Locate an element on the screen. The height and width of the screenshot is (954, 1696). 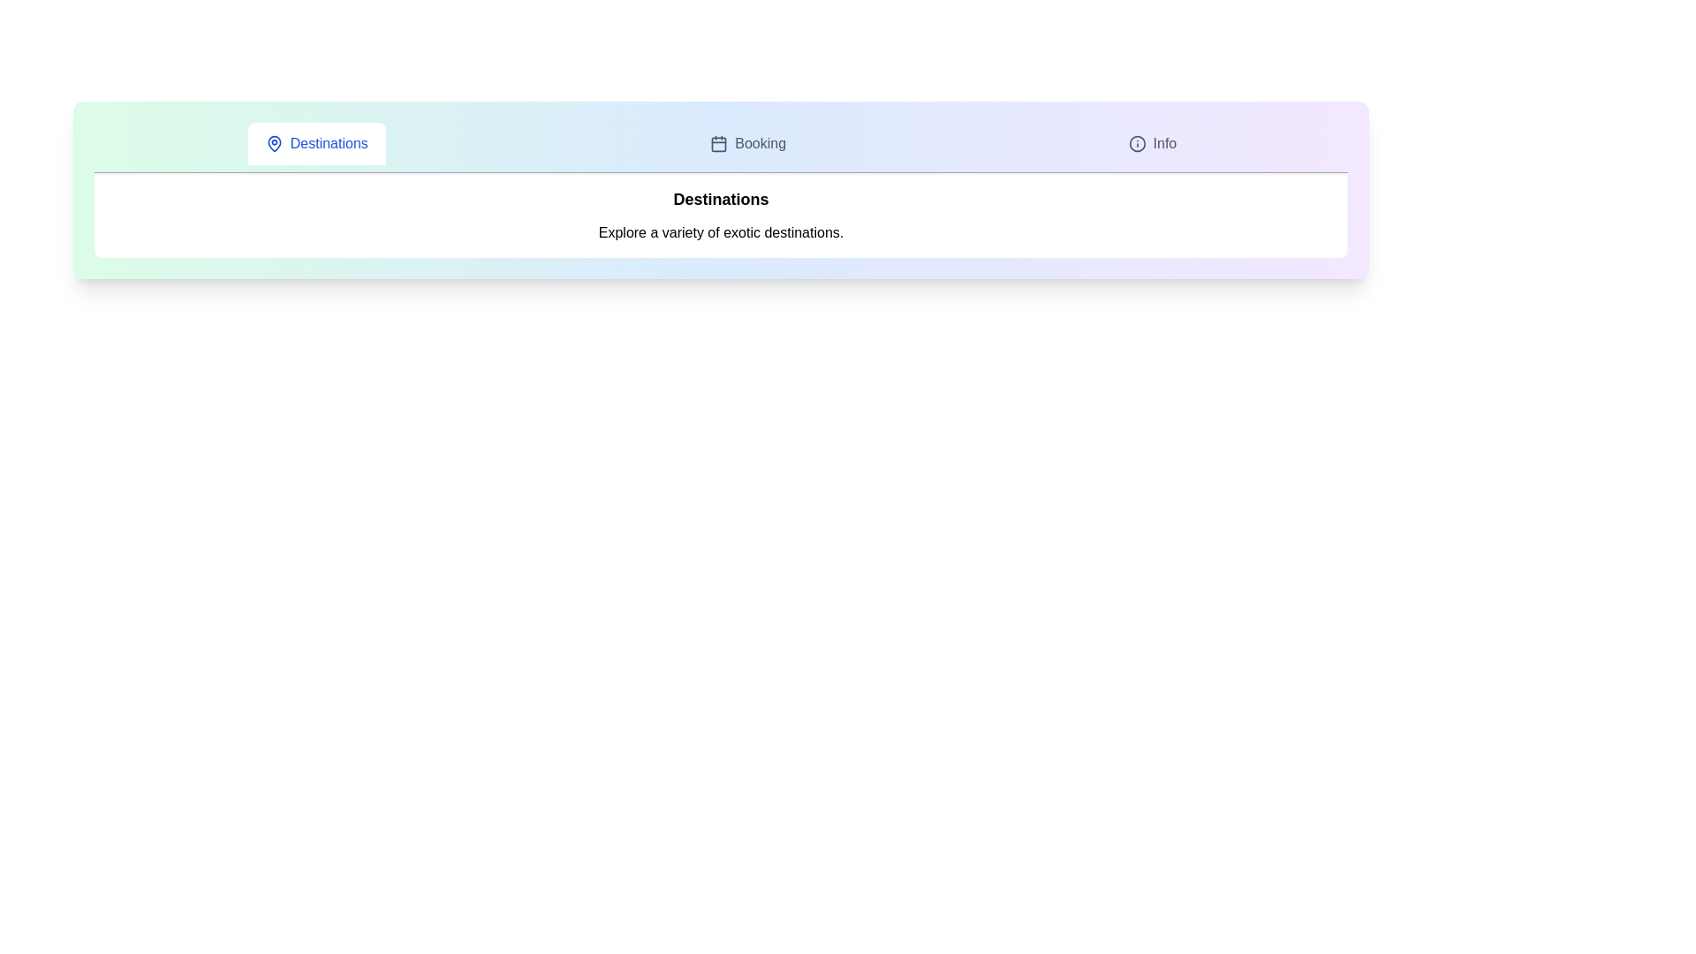
the Destinations tab to read its content is located at coordinates (316, 142).